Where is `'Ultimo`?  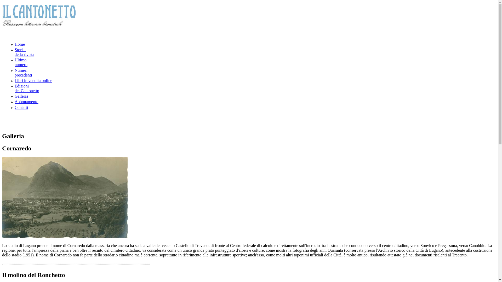 'Ultimo is located at coordinates (21, 62).